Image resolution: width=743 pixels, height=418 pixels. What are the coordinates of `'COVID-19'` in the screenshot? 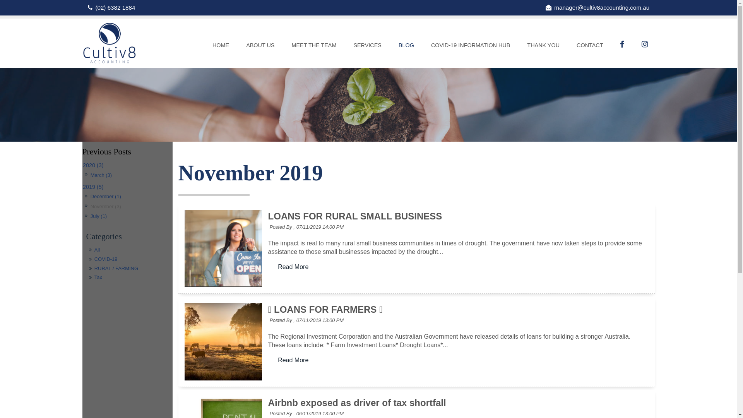 It's located at (89, 259).